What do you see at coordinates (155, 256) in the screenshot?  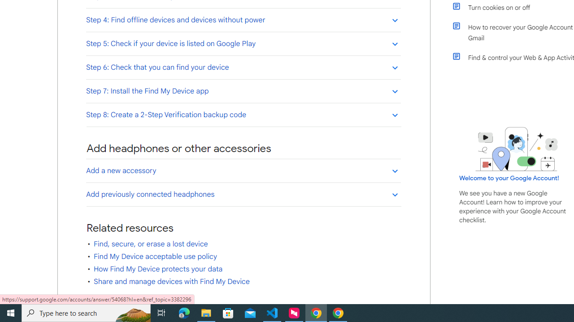 I see `'Find My Device acceptable use policy'` at bounding box center [155, 256].